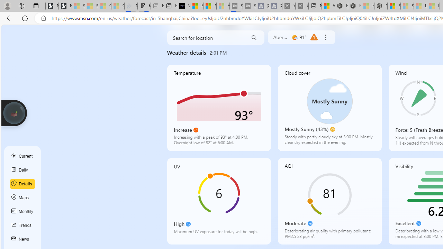  Describe the element at coordinates (218, 233) in the screenshot. I see `'Maximum UV exposure for today will be high.'` at that location.